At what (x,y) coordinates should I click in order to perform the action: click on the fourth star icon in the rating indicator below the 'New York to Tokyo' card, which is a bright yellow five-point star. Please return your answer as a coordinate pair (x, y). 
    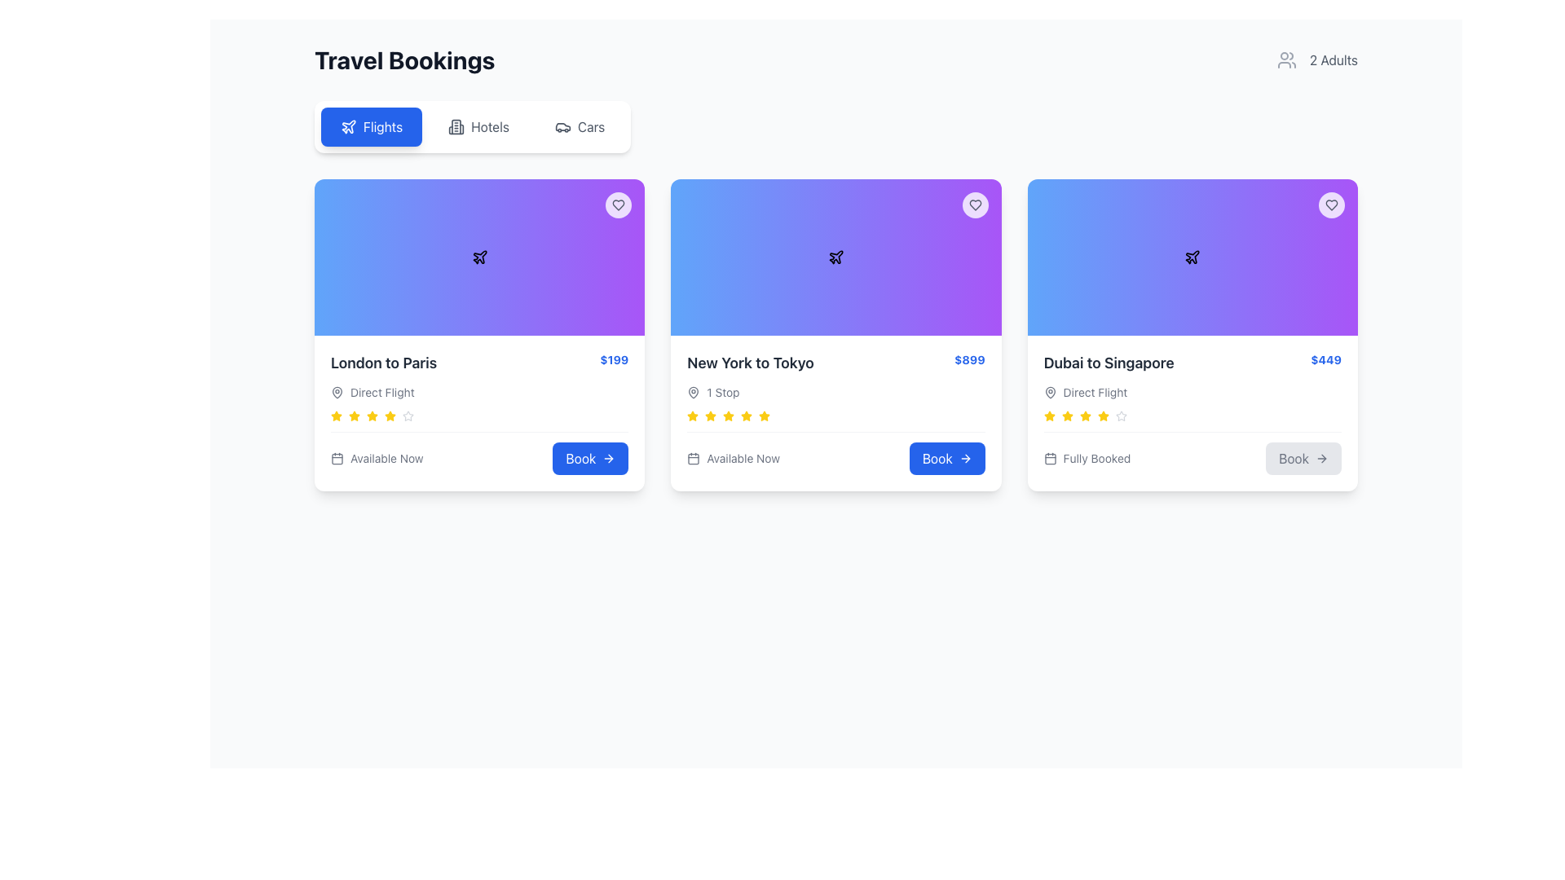
    Looking at the image, I should click on (711, 415).